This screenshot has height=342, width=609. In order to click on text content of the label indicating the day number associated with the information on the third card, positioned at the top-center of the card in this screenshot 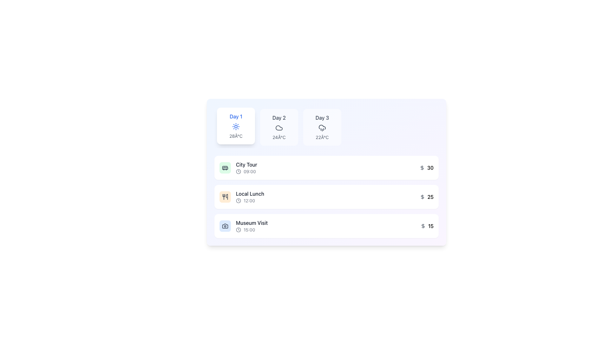, I will do `click(322, 117)`.